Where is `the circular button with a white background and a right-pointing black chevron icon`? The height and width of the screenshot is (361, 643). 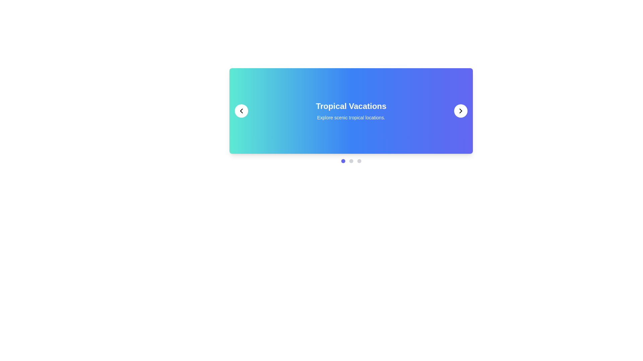 the circular button with a white background and a right-pointing black chevron icon is located at coordinates (460, 110).